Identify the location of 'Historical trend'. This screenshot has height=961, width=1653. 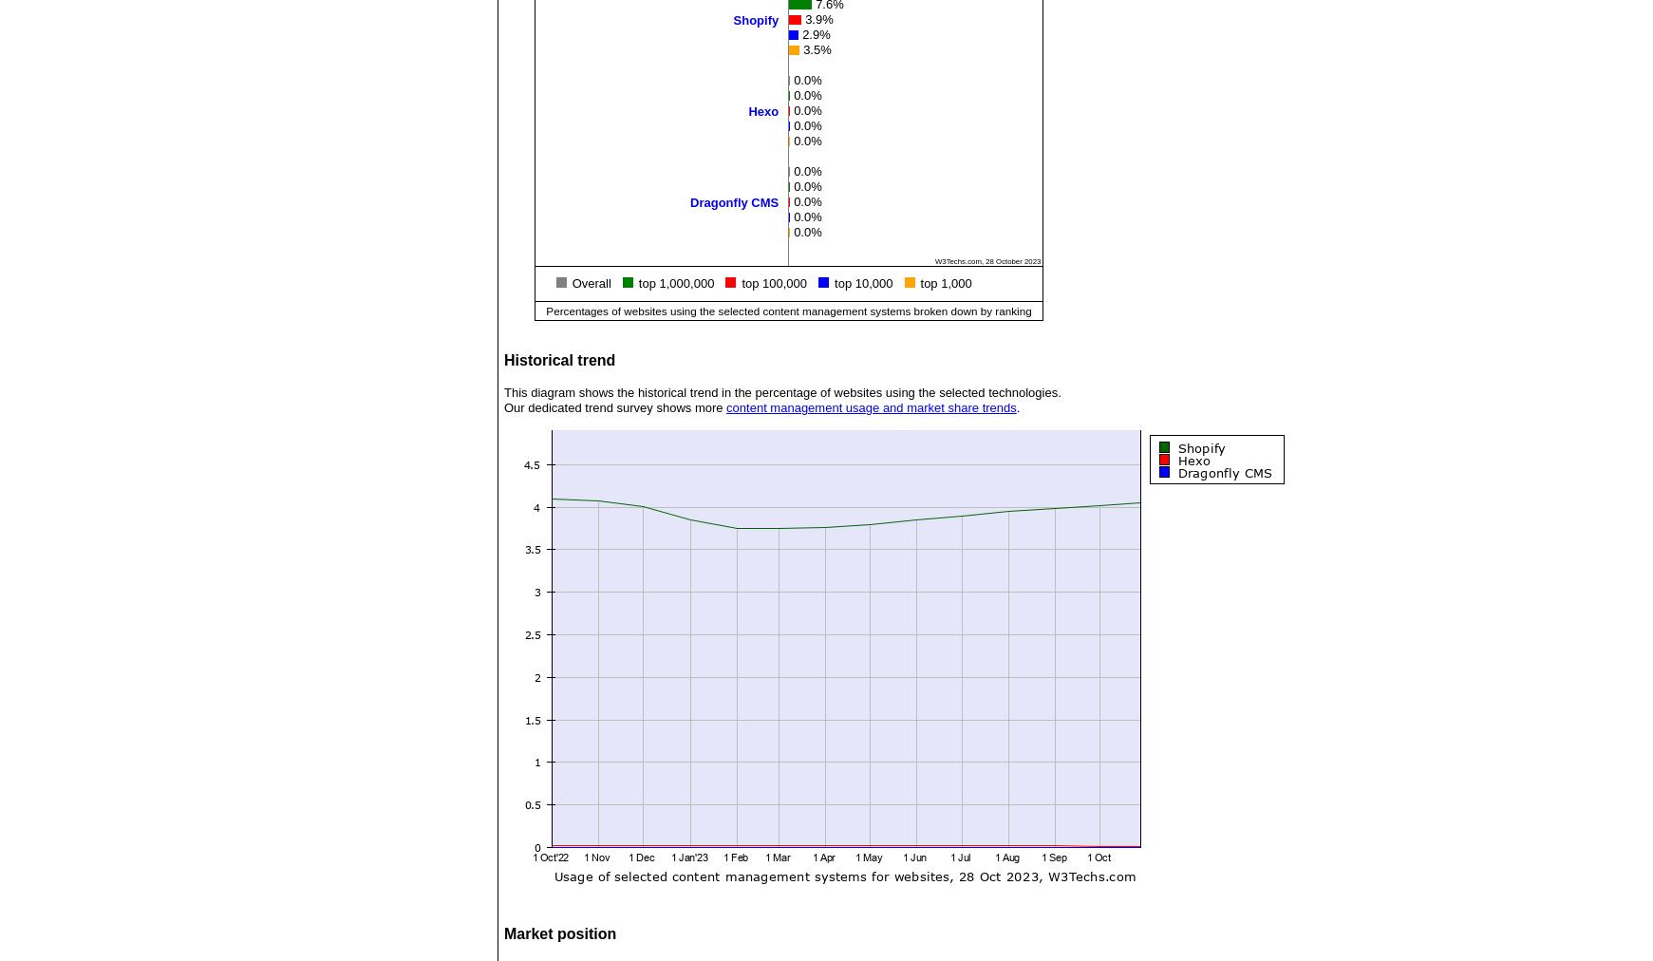
(559, 359).